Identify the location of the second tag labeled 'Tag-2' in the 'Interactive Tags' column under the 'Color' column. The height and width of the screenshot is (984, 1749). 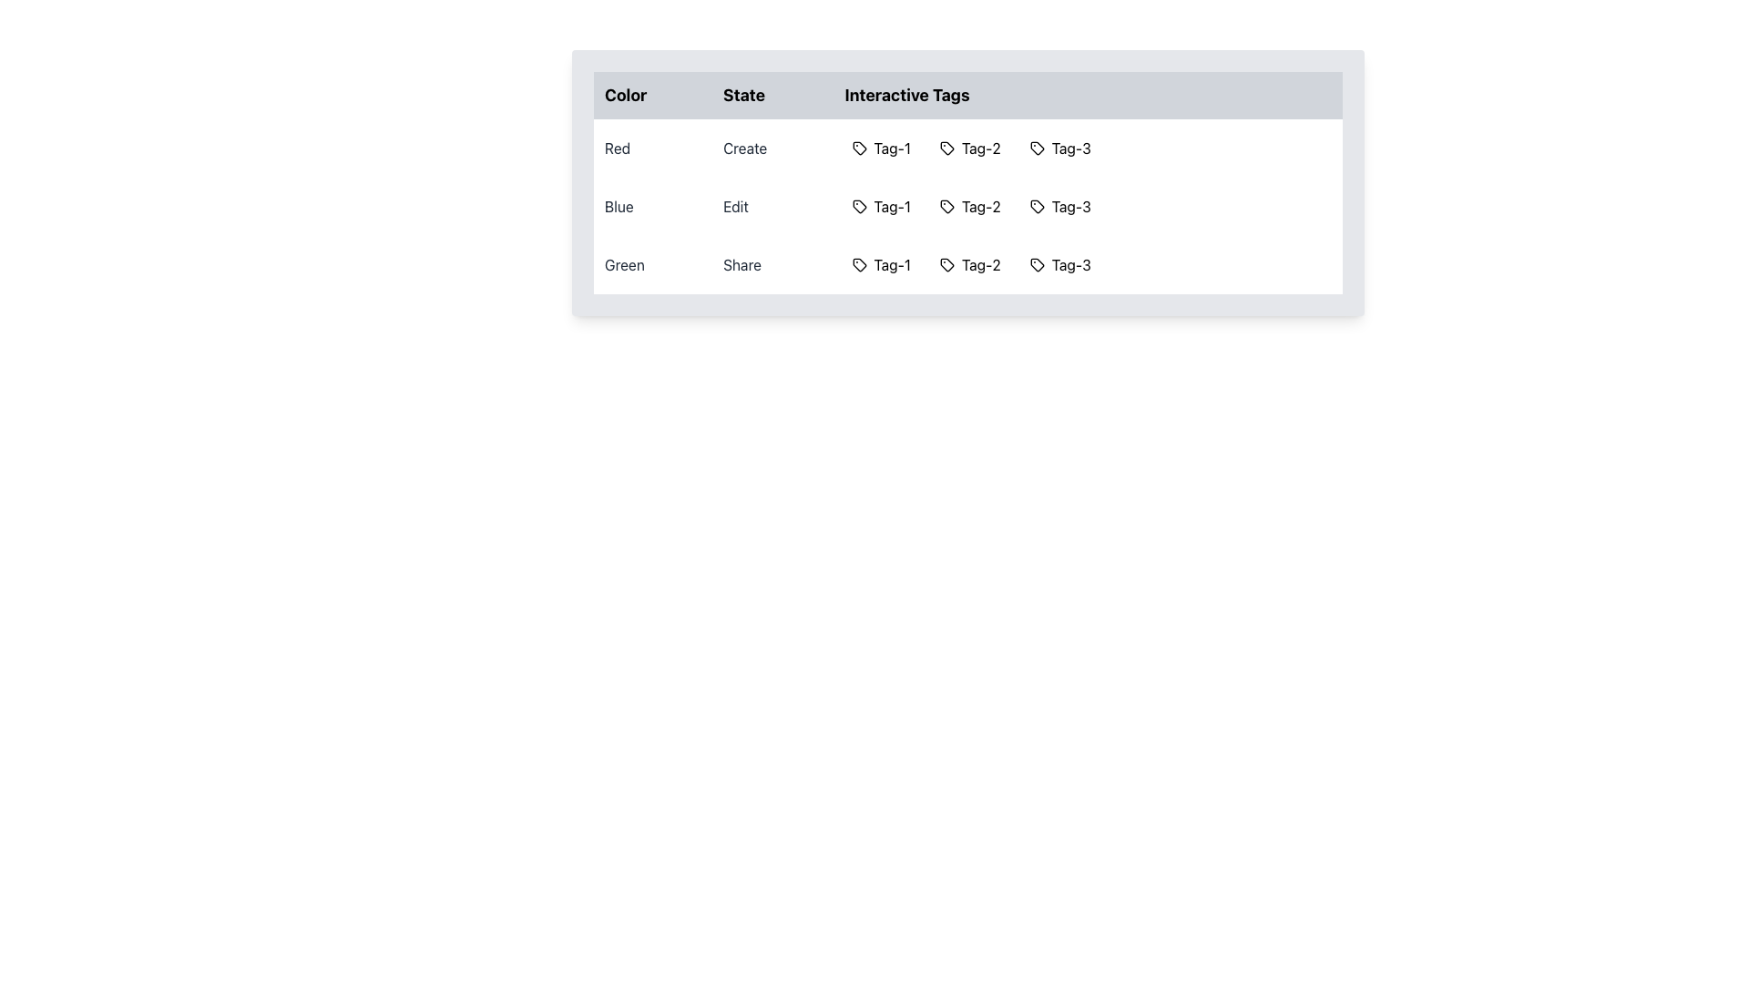
(947, 206).